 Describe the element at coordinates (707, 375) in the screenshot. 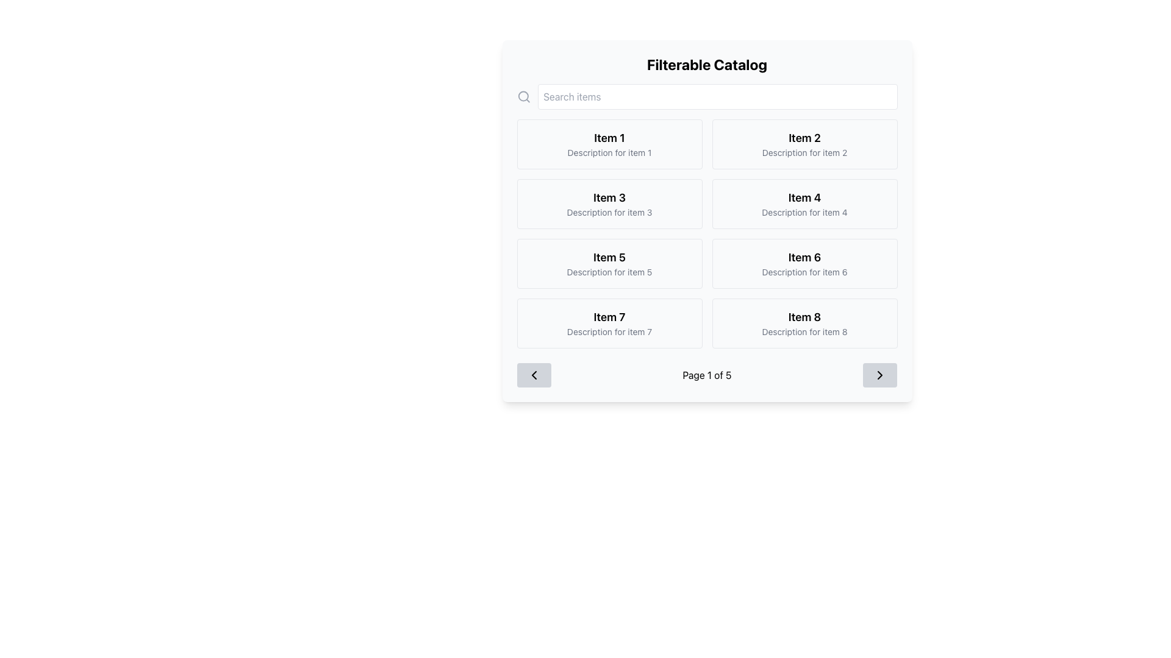

I see `pagination text displayed as 'Page 1 of 5' located at the bottom of the 'Filterable Catalog' interface, centered between the navigation buttons` at that location.